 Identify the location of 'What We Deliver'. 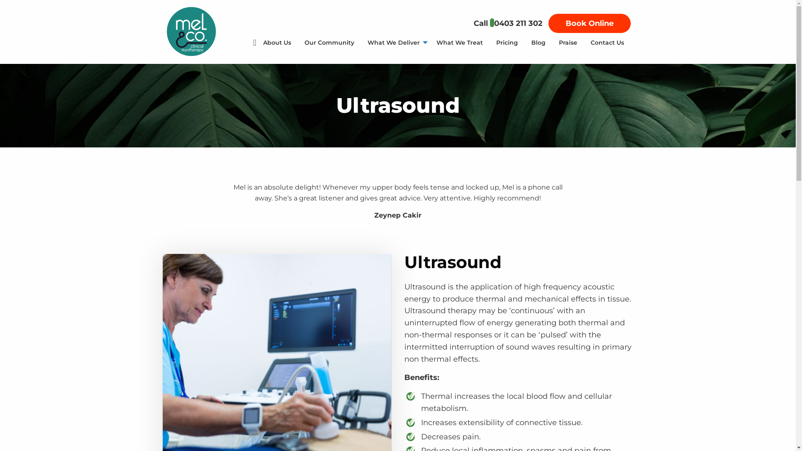
(395, 42).